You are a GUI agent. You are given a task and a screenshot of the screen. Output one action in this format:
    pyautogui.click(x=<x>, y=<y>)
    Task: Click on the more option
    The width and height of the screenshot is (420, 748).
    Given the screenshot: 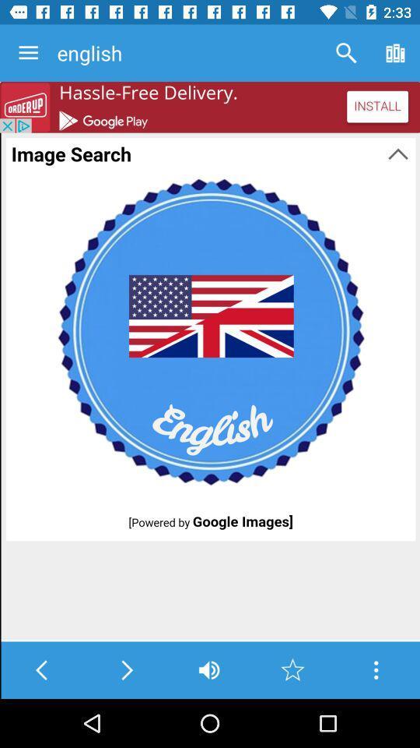 What is the action you would take?
    pyautogui.click(x=375, y=669)
    